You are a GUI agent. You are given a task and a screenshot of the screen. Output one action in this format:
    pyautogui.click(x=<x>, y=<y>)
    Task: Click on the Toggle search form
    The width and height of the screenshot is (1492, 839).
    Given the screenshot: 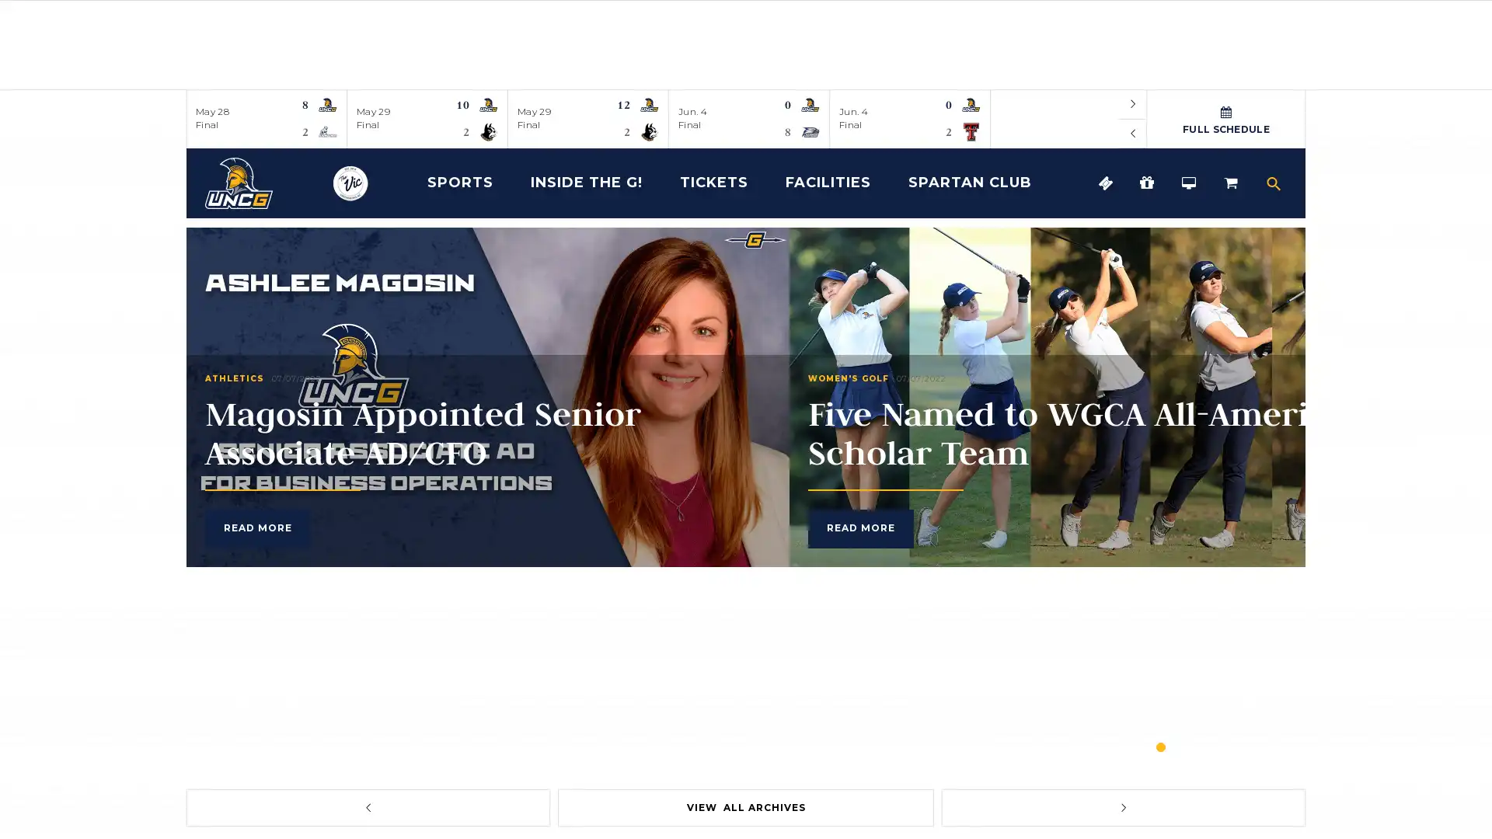 What is the action you would take?
    pyautogui.click(x=1273, y=182)
    